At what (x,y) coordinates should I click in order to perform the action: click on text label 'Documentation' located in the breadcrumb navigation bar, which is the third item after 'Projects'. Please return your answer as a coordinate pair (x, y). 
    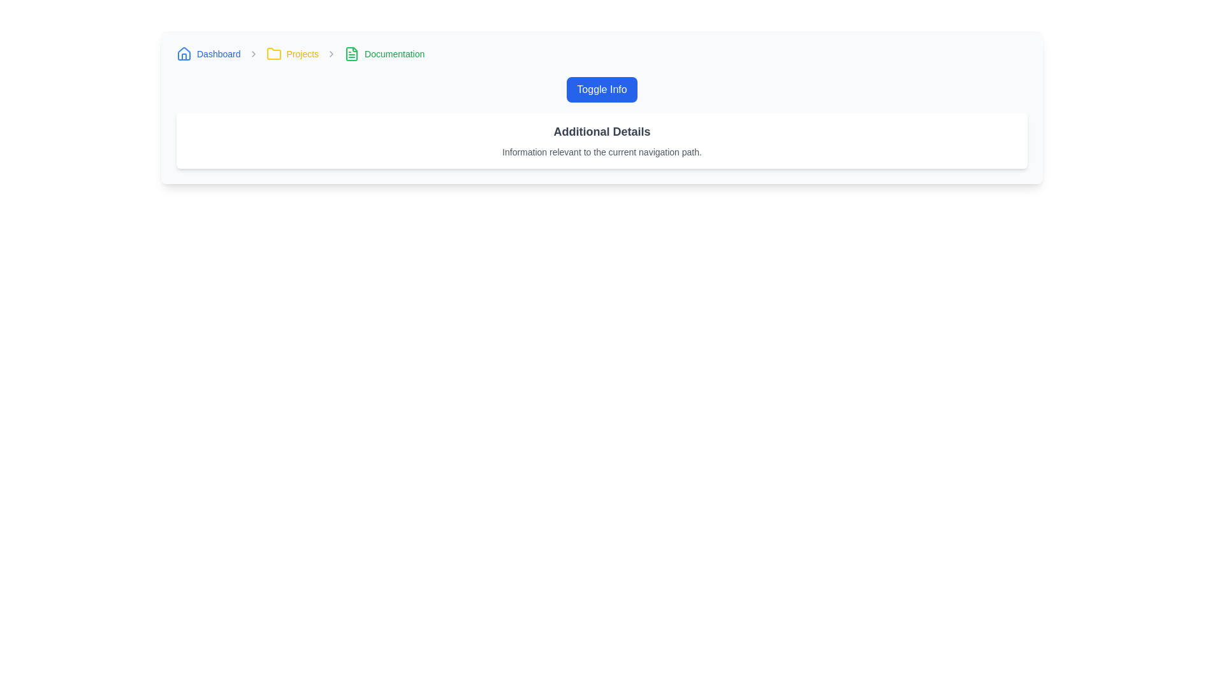
    Looking at the image, I should click on (394, 53).